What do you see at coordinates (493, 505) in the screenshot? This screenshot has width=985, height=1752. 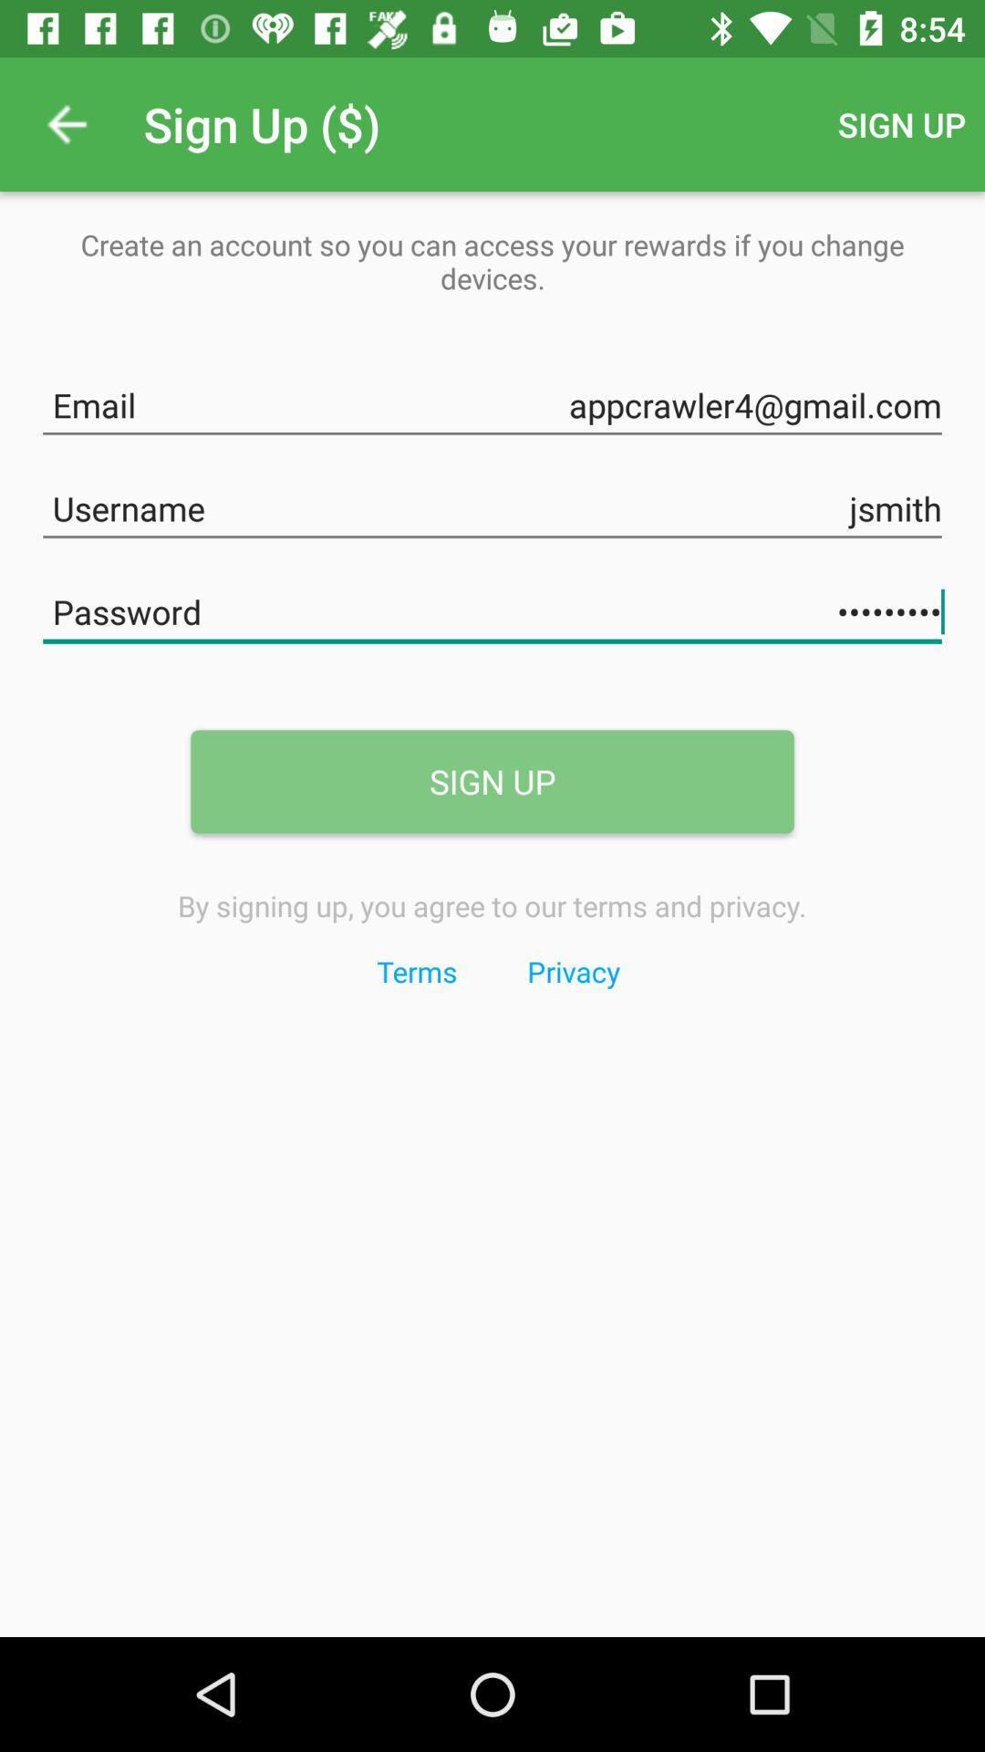 I see `the text field which is above the password` at bounding box center [493, 505].